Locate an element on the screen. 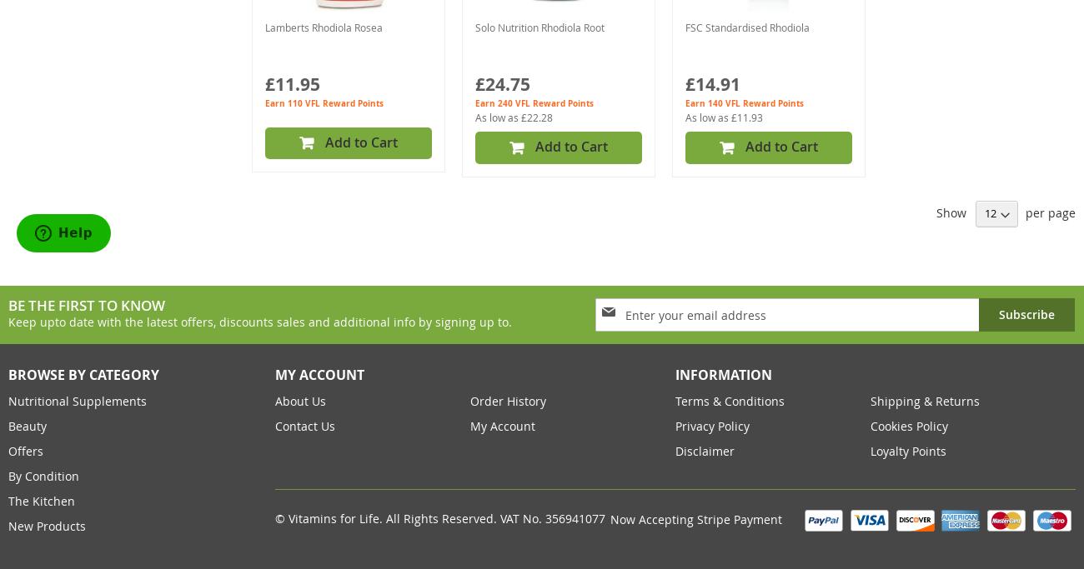 The height and width of the screenshot is (569, 1084). 'Earn  110 VFL Reward Points' is located at coordinates (324, 102).